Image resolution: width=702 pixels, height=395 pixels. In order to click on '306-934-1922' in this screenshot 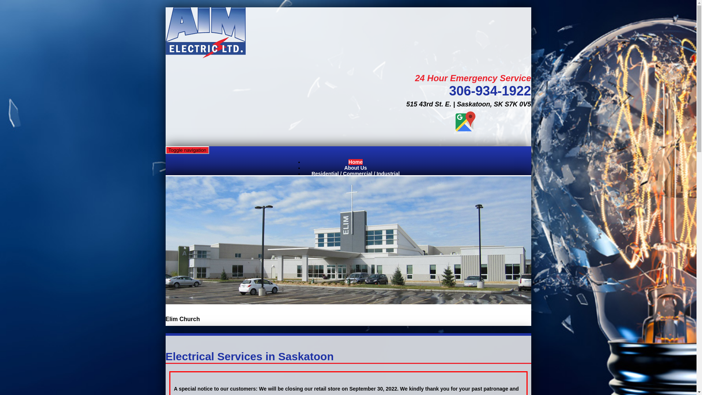, I will do `click(490, 90)`.